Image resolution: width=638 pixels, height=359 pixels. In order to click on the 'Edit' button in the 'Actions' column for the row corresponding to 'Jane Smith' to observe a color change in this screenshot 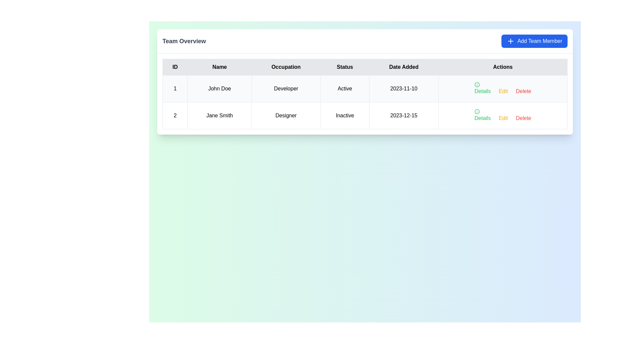, I will do `click(503, 91)`.